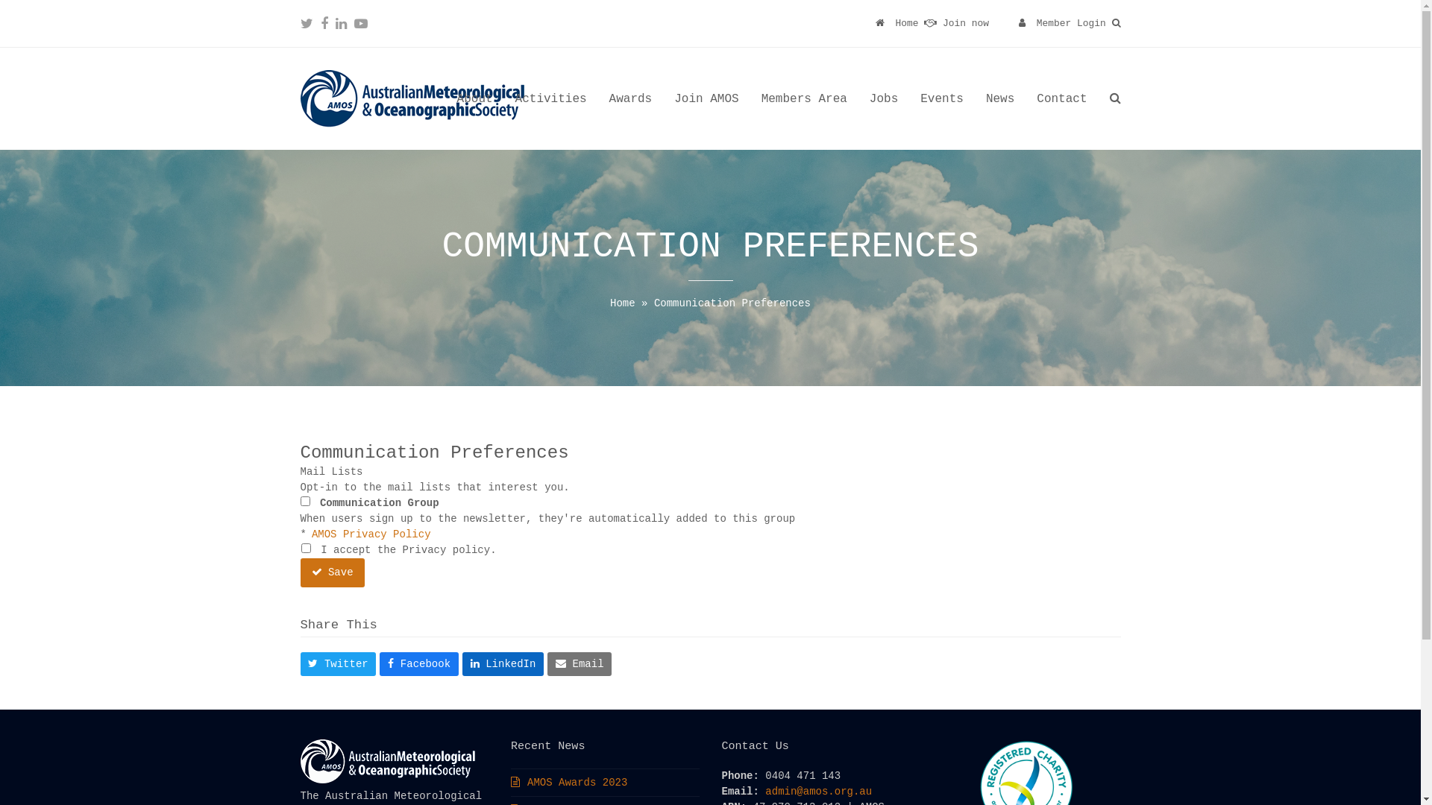  What do you see at coordinates (568, 781) in the screenshot?
I see `'AMOS Awards 2023'` at bounding box center [568, 781].